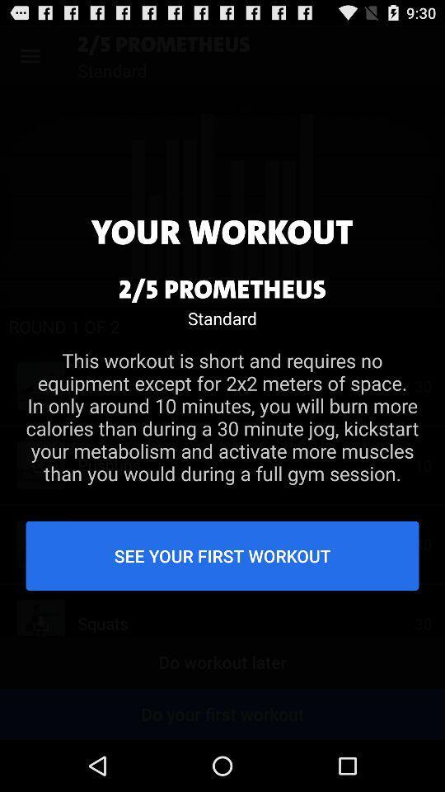 This screenshot has width=445, height=792. What do you see at coordinates (222, 555) in the screenshot?
I see `item at the bottom` at bounding box center [222, 555].